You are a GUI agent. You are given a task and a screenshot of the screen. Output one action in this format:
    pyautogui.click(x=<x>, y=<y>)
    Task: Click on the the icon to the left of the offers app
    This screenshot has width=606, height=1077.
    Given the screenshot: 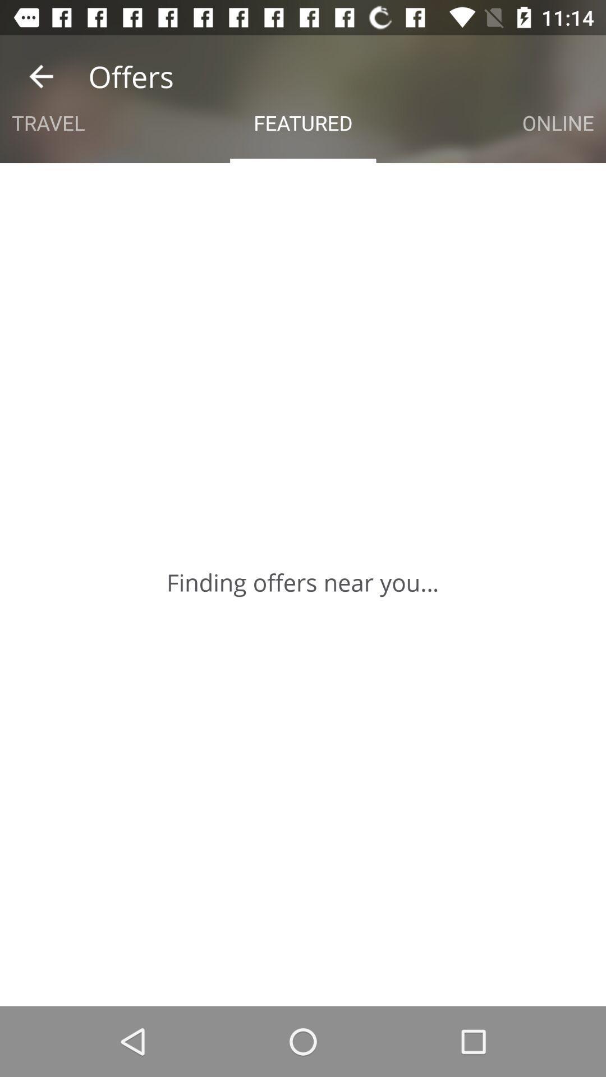 What is the action you would take?
    pyautogui.click(x=40, y=76)
    